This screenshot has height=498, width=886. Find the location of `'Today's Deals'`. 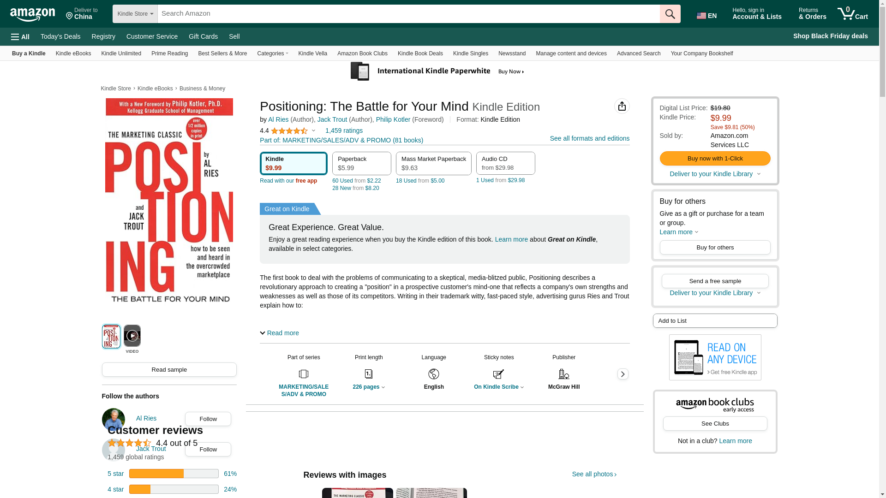

'Today's Deals' is located at coordinates (35, 36).